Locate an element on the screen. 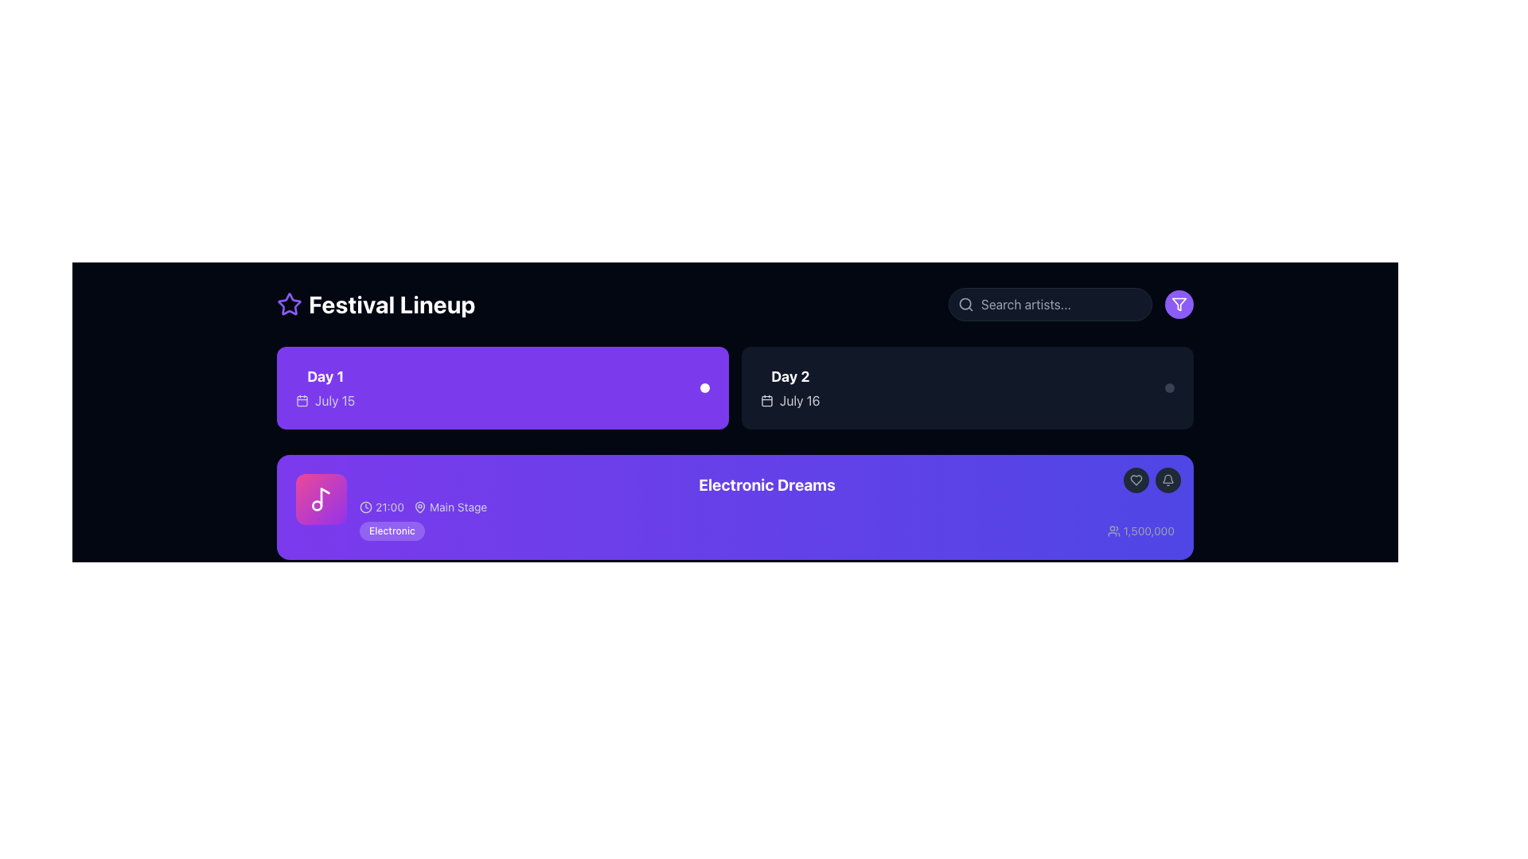 This screenshot has width=1528, height=859. the pin icon that resembles a location marker, which is positioned adjacent to the text 'Main Stage' within a dark-themed interface is located at coordinates (420, 507).